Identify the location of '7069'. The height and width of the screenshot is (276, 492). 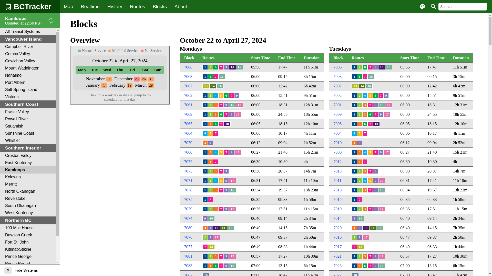
(188, 114).